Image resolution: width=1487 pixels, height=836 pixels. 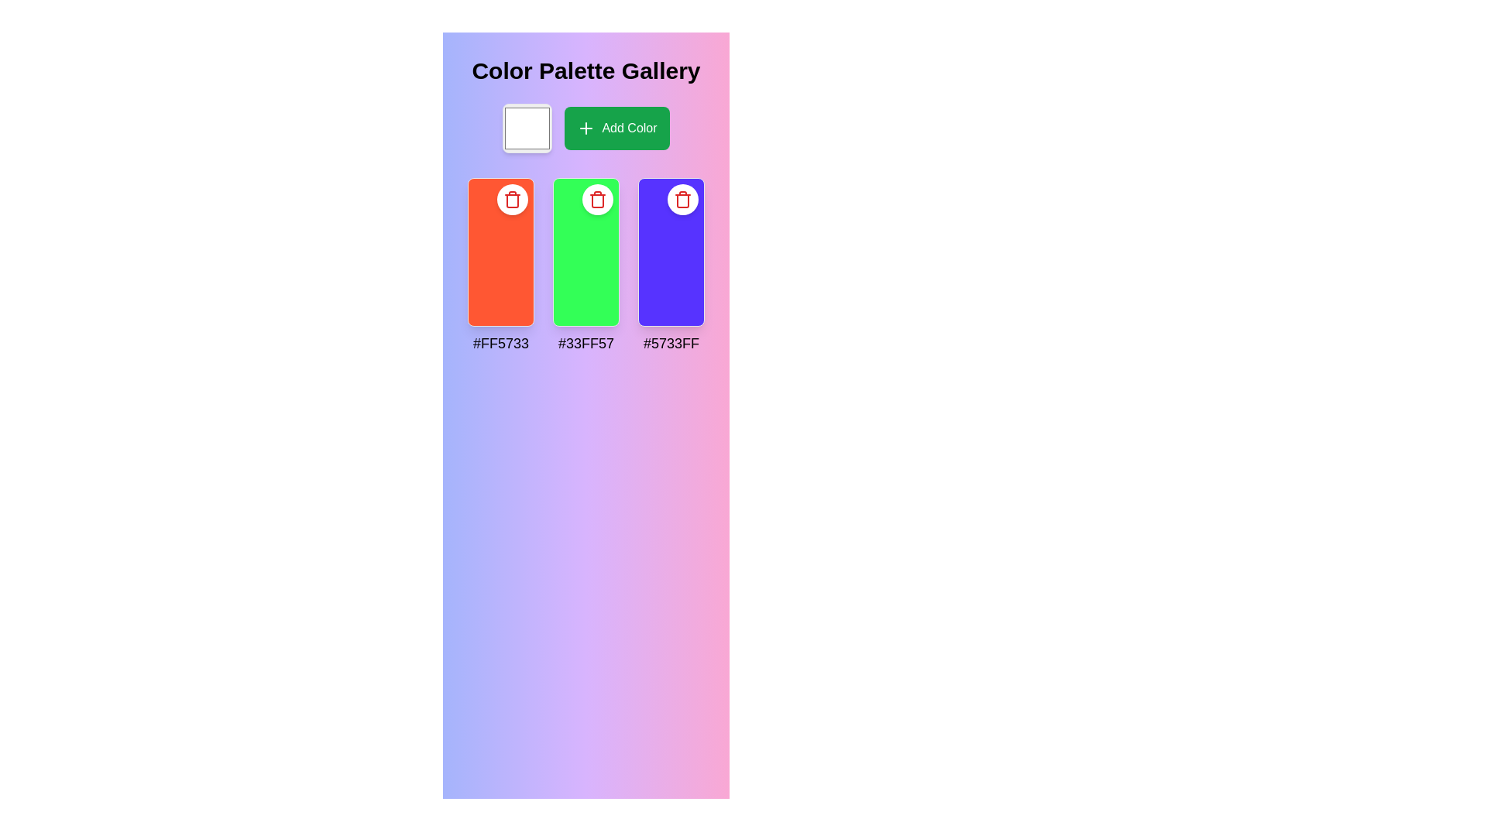 What do you see at coordinates (513, 199) in the screenshot?
I see `the delete button located in the top-right corner of the color tile with the background color #FF5733` at bounding box center [513, 199].